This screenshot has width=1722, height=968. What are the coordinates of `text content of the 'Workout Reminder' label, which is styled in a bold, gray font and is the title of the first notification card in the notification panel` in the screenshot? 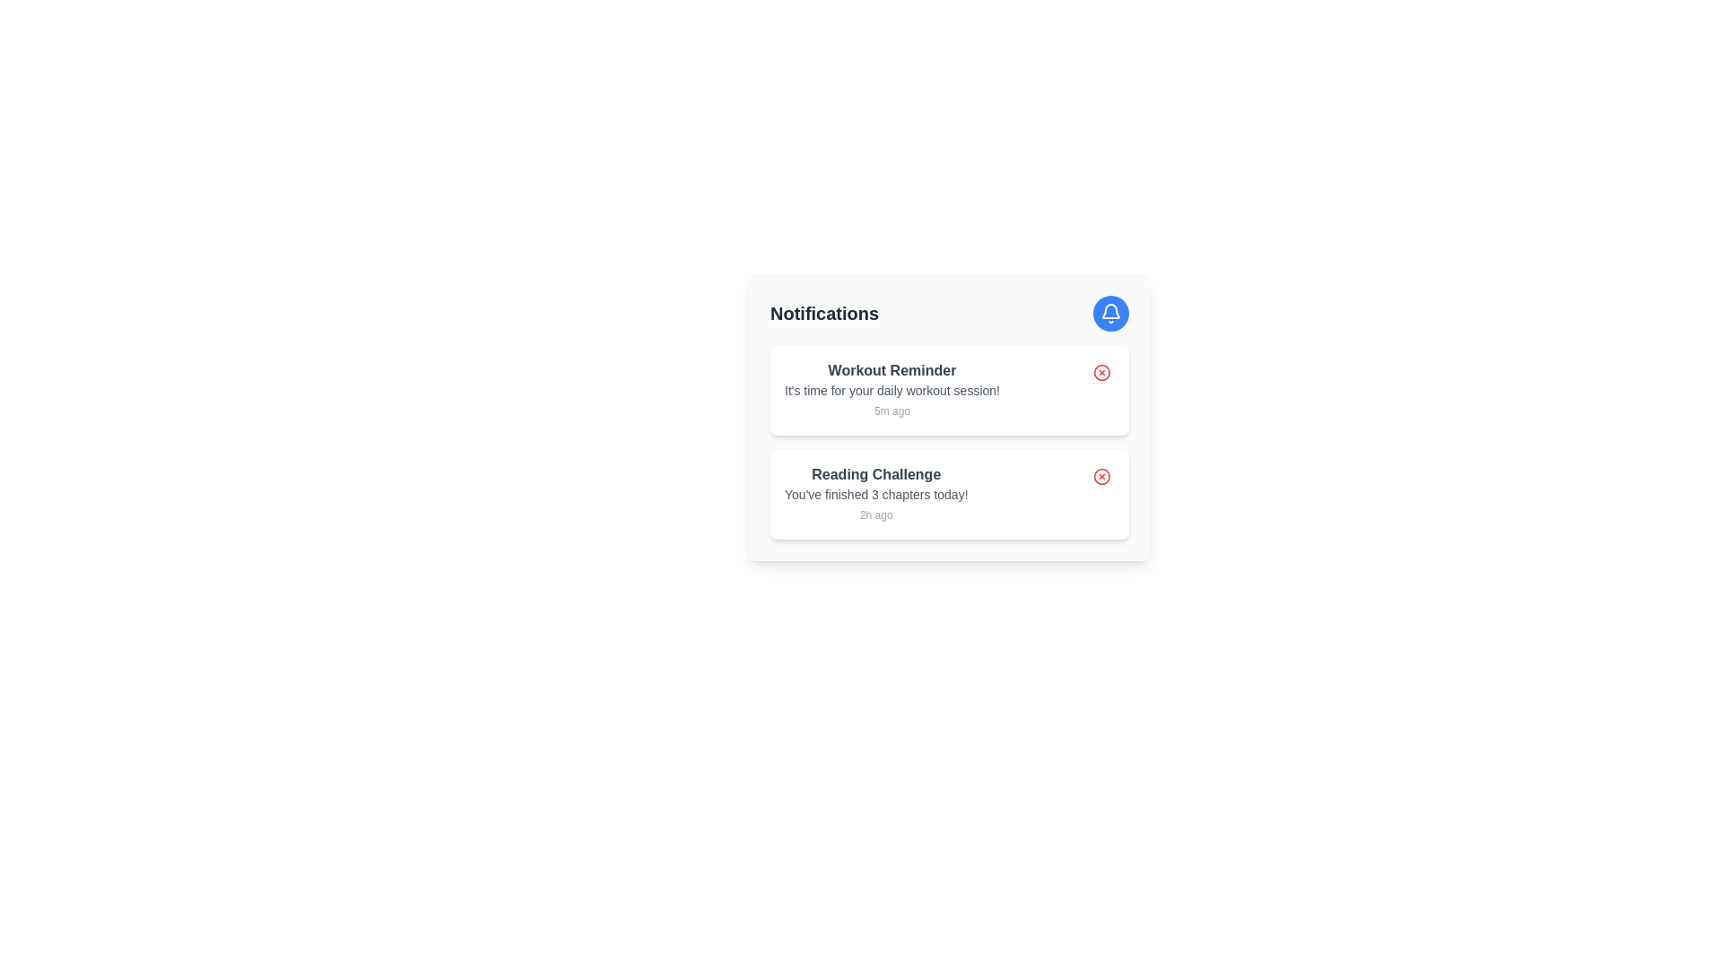 It's located at (891, 369).